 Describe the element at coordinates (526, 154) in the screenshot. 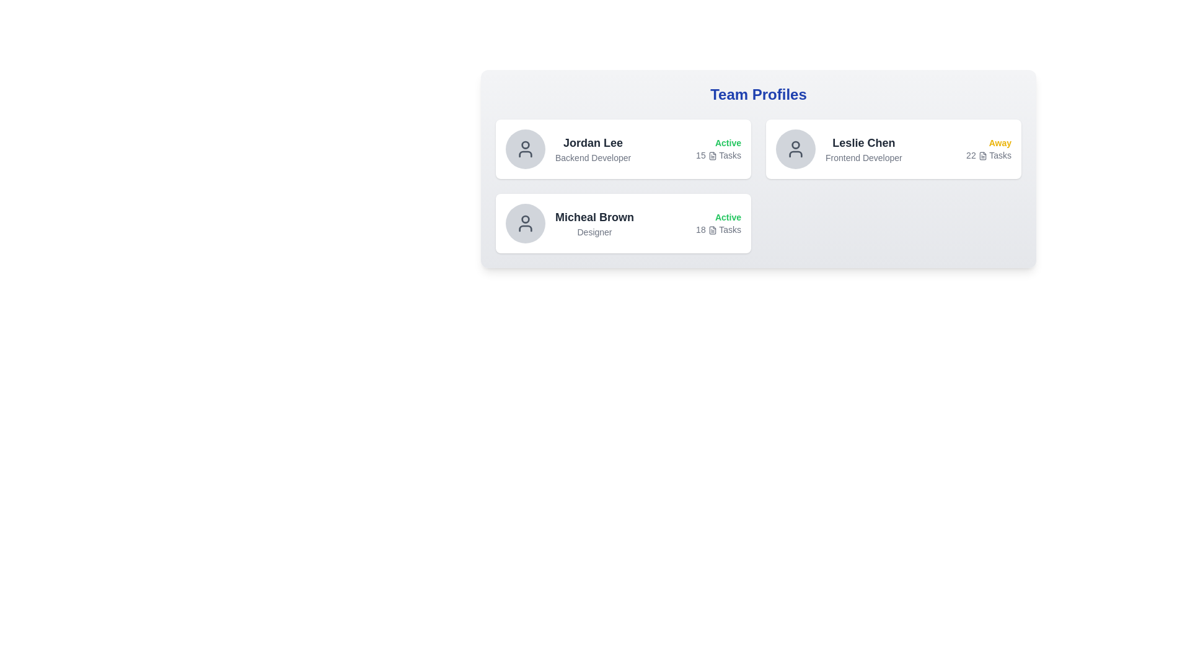

I see `the lower body part of the user icon representing the 'Jordan Lee' profile card, located in the top-left section of the 'Team Profiles' interface` at that location.